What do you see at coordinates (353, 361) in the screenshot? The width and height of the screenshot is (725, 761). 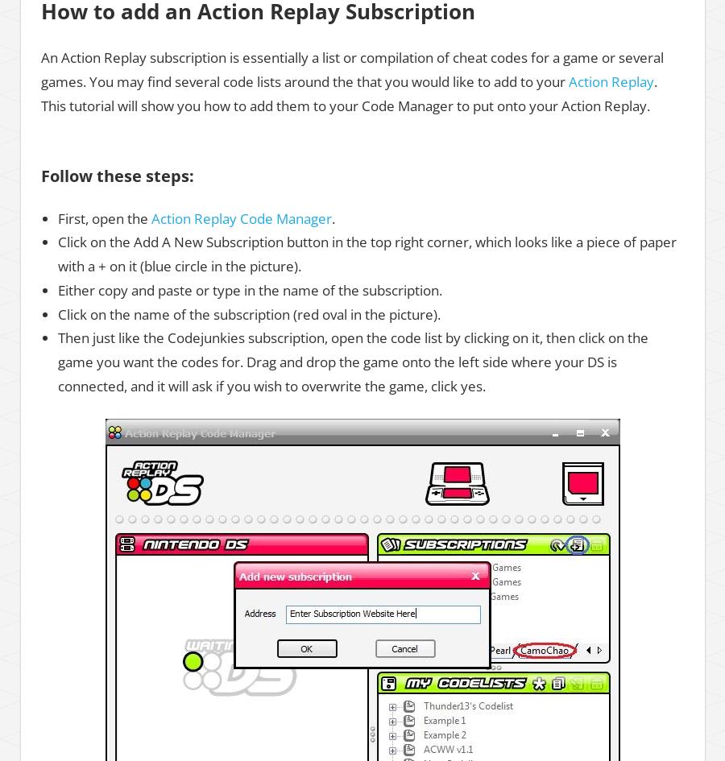 I see `'Then just like the Codejunkies subscription, open the code list by clicking on it, then click on the game you want the codes for. Drag and drop the game onto the left side where your DS is connected, and it will ask if you wish to overwrite the game, click yes.'` at bounding box center [353, 361].